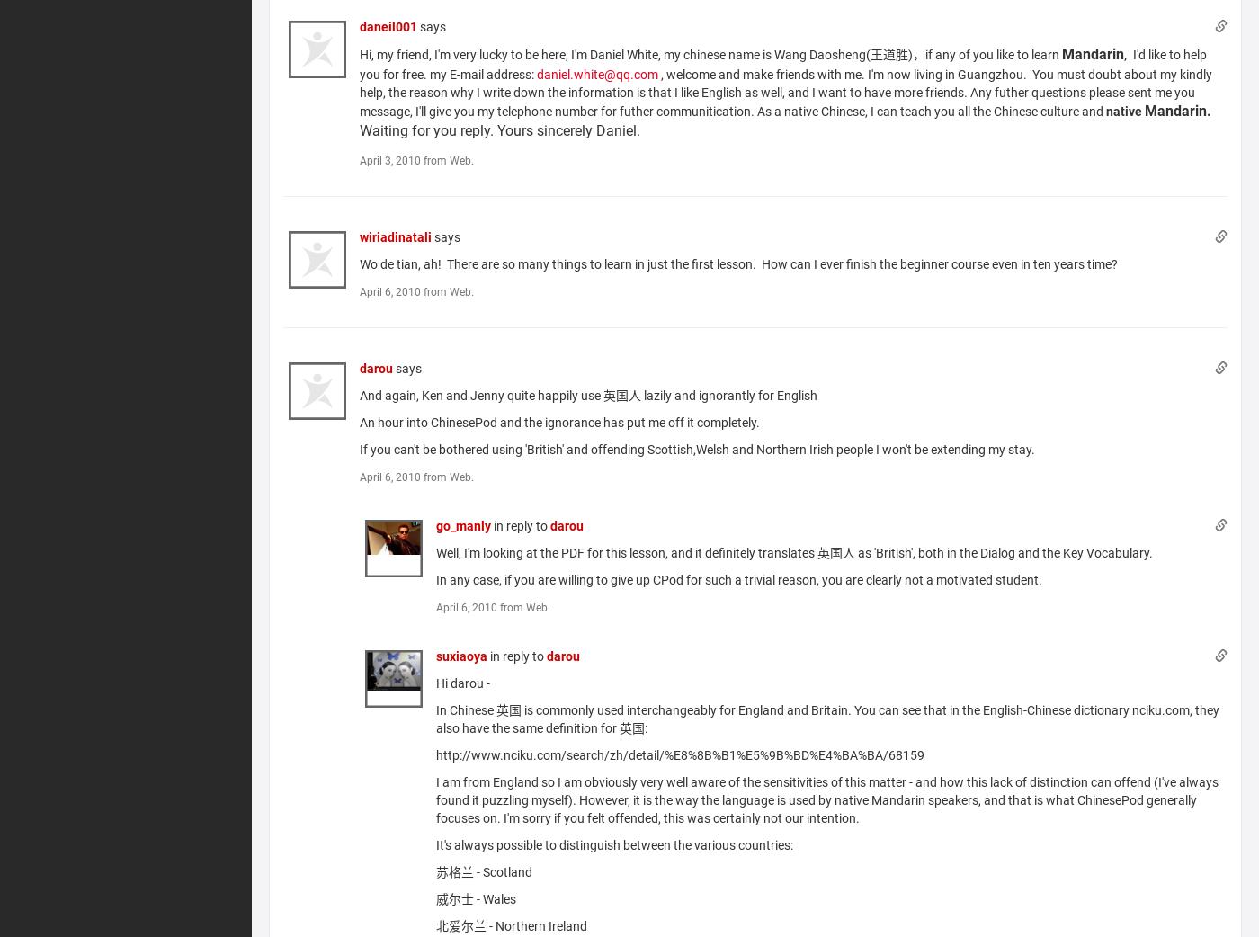 The image size is (1259, 937). What do you see at coordinates (1093, 52) in the screenshot?
I see `'Mandarin'` at bounding box center [1093, 52].